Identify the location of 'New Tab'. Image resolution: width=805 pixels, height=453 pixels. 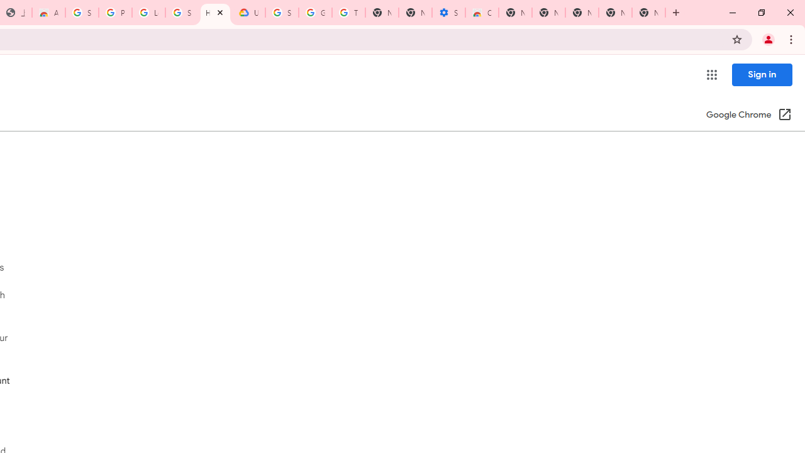
(648, 13).